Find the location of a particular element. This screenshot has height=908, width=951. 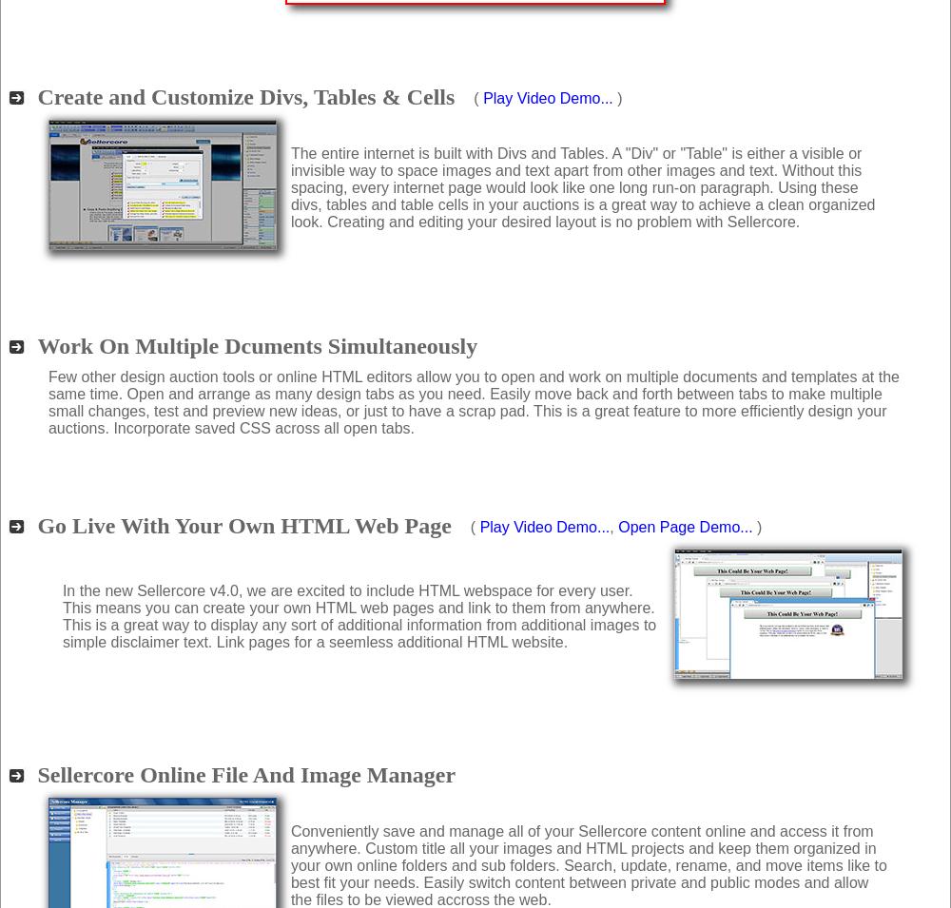

'Work On Multiple Dcuments Simultaneously' is located at coordinates (257, 343).